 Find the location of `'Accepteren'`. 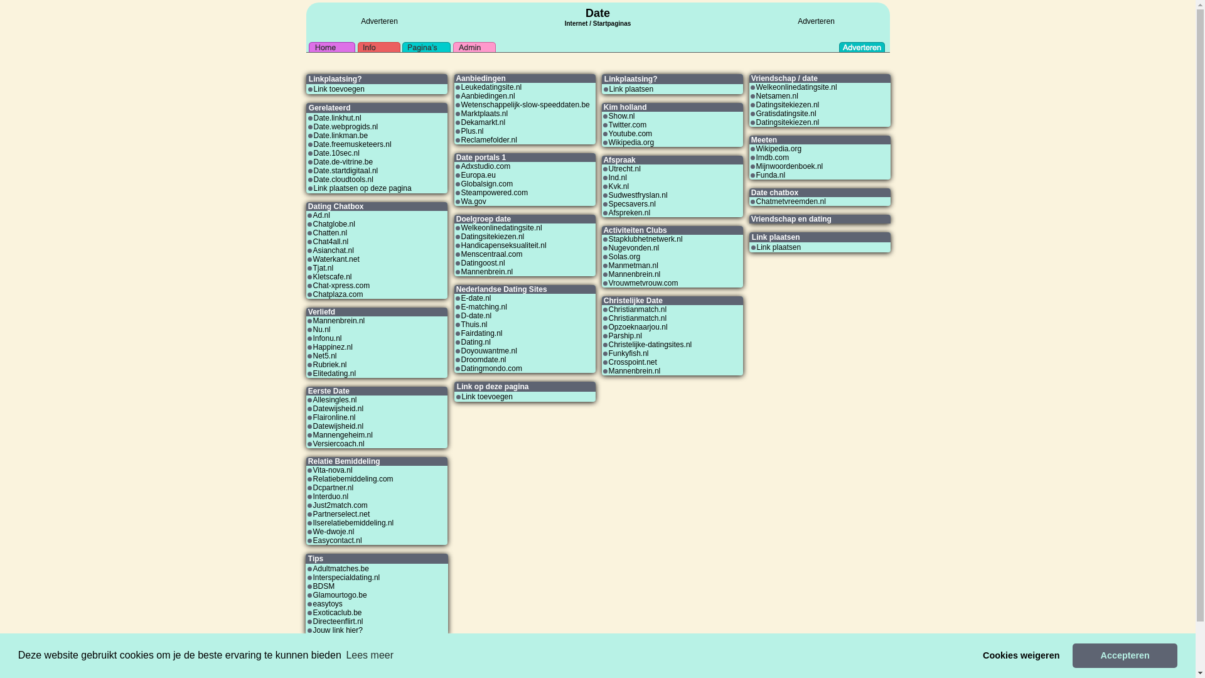

'Accepteren' is located at coordinates (1125, 655).